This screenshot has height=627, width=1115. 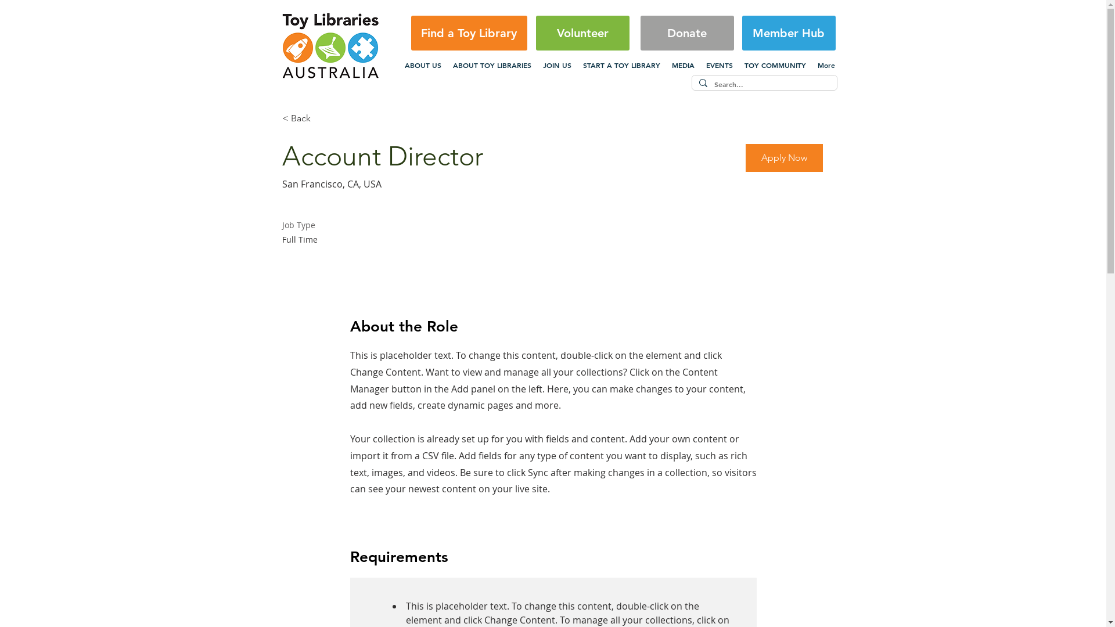 What do you see at coordinates (682, 64) in the screenshot?
I see `'MEDIA'` at bounding box center [682, 64].